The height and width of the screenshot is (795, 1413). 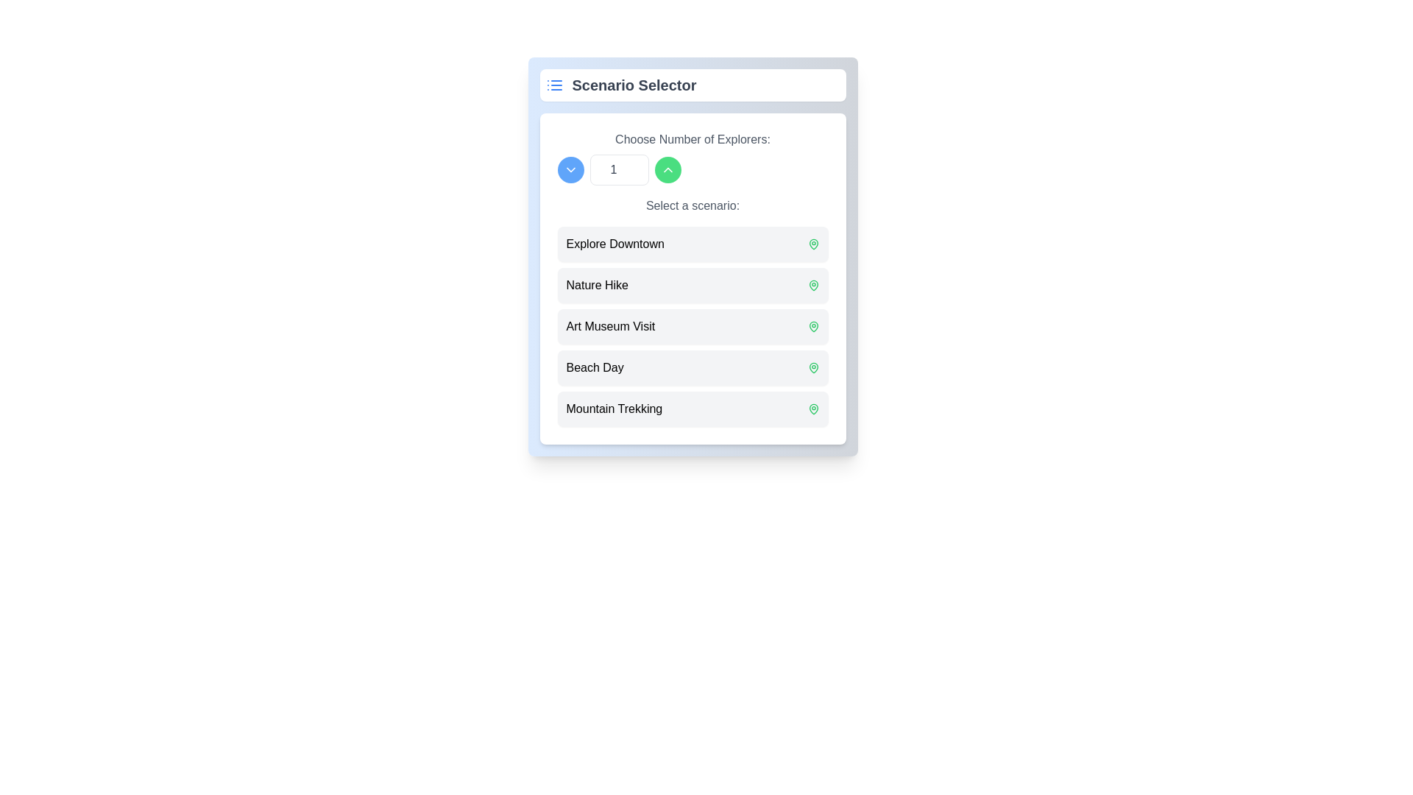 I want to click on the green-colored map pin icon located on the right side of the 'Beach Day' scenario in the list of selectable scenarios, so click(x=812, y=367).